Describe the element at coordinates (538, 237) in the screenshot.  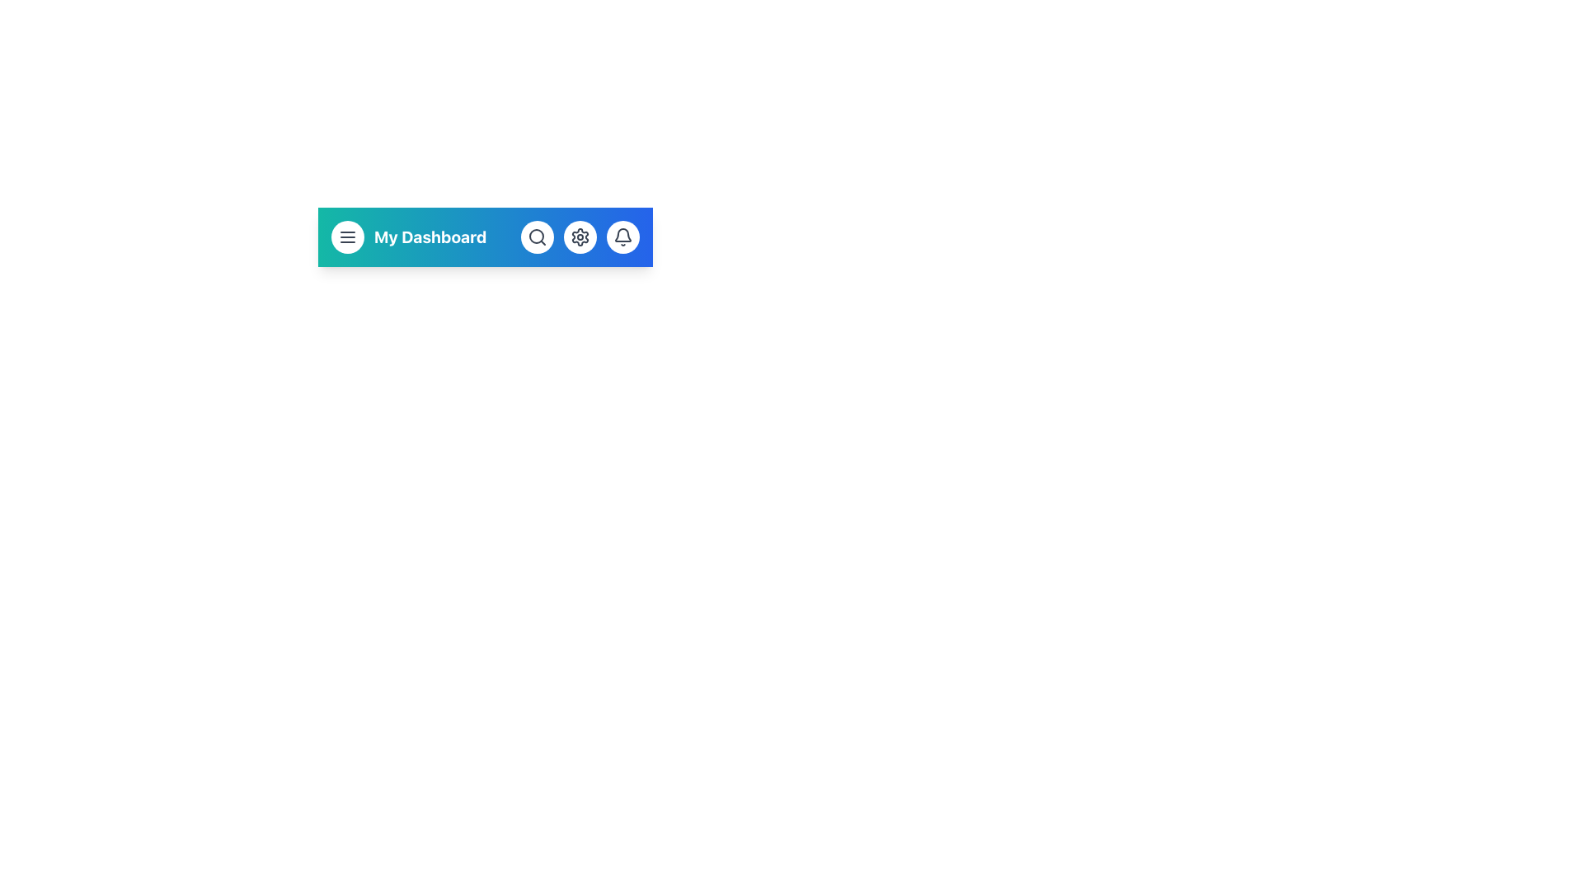
I see `the second button from the left in the navigation bar` at that location.